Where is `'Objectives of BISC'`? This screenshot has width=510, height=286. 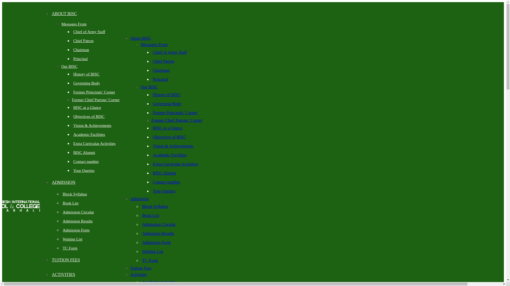 'Objectives of BISC' is located at coordinates (152, 136).